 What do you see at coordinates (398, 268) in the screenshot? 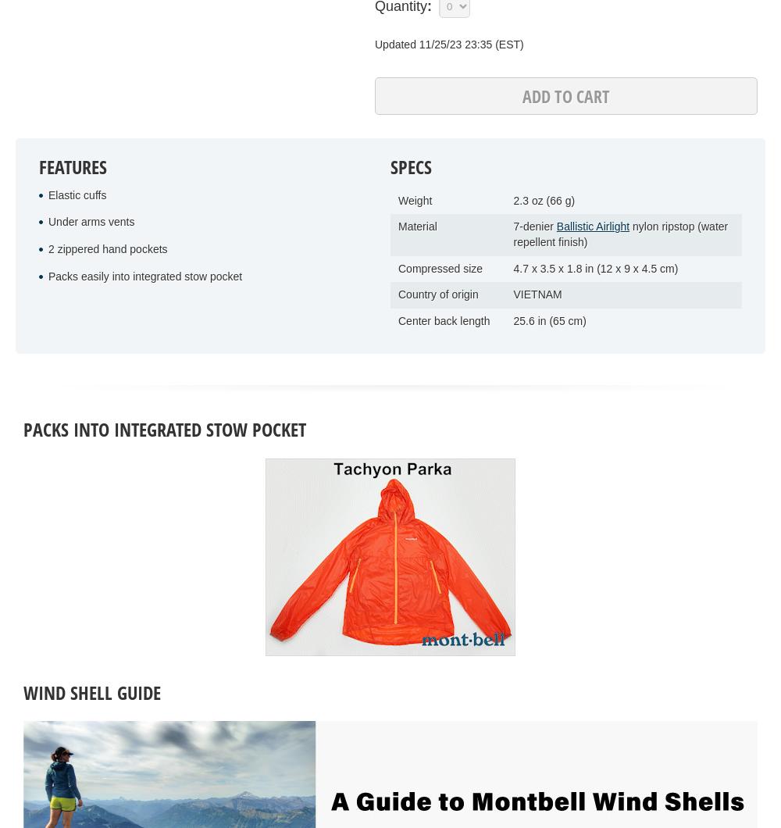
I see `'Compressed size'` at bounding box center [398, 268].